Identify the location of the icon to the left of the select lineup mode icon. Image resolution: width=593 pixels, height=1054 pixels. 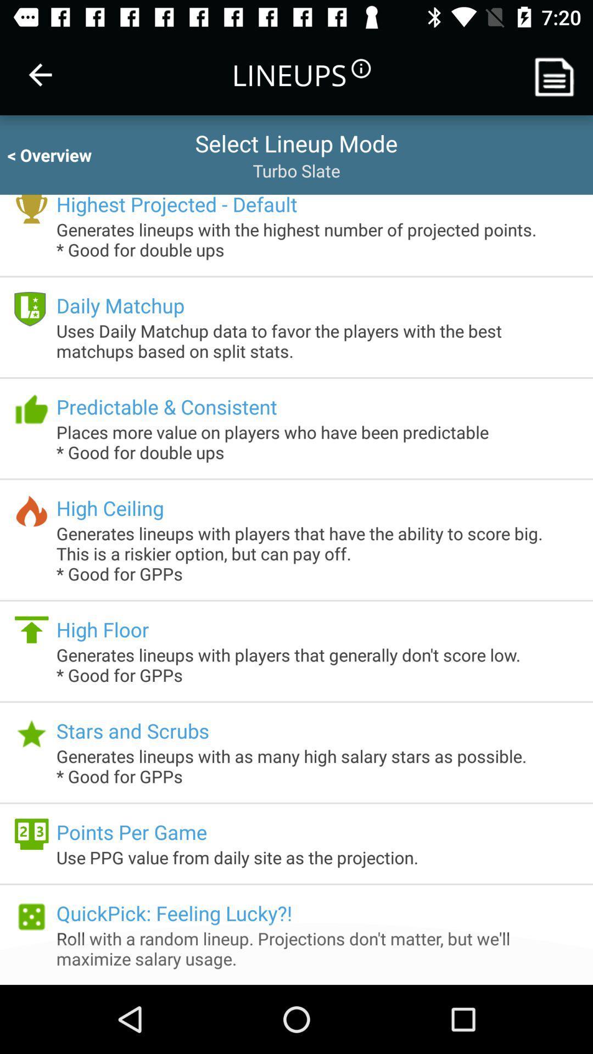
(59, 154).